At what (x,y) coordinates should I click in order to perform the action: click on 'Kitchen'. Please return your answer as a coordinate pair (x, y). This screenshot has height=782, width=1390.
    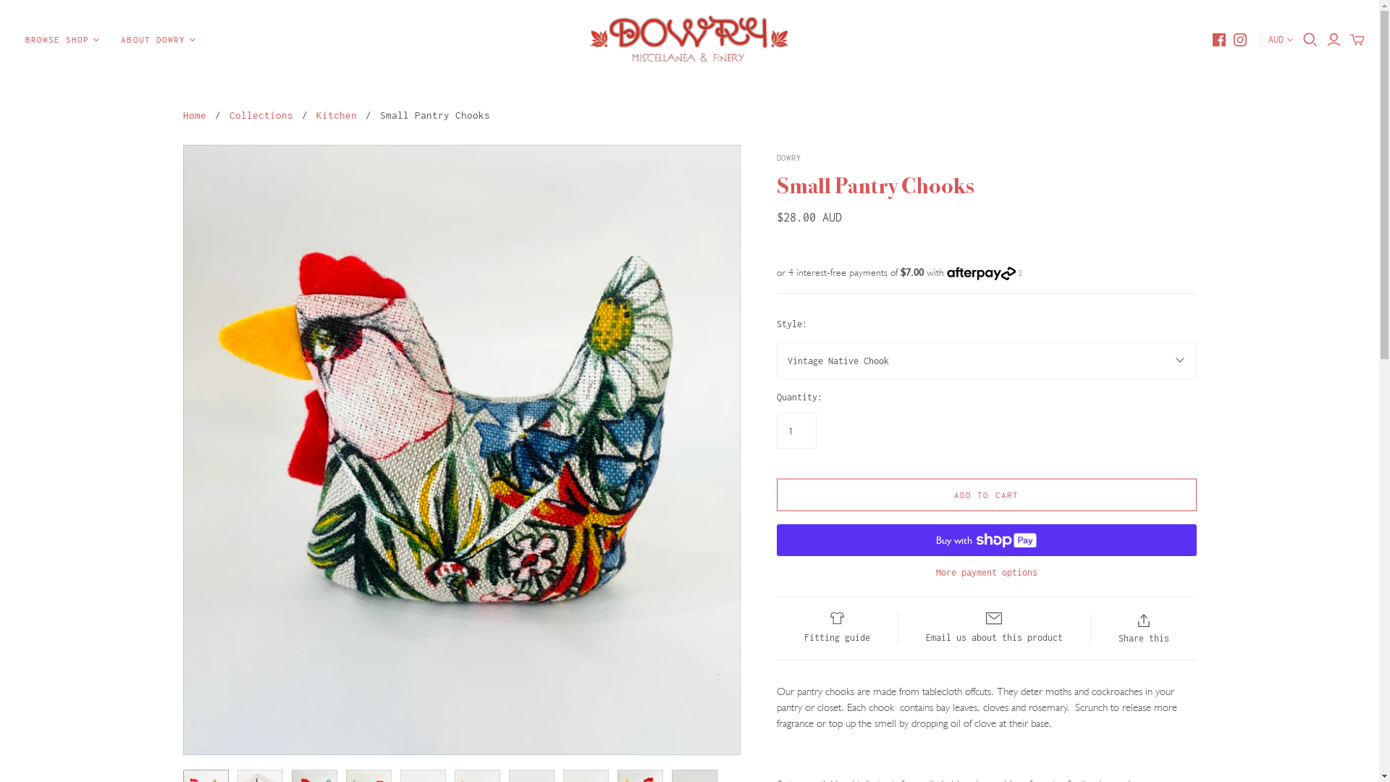
    Looking at the image, I should click on (315, 114).